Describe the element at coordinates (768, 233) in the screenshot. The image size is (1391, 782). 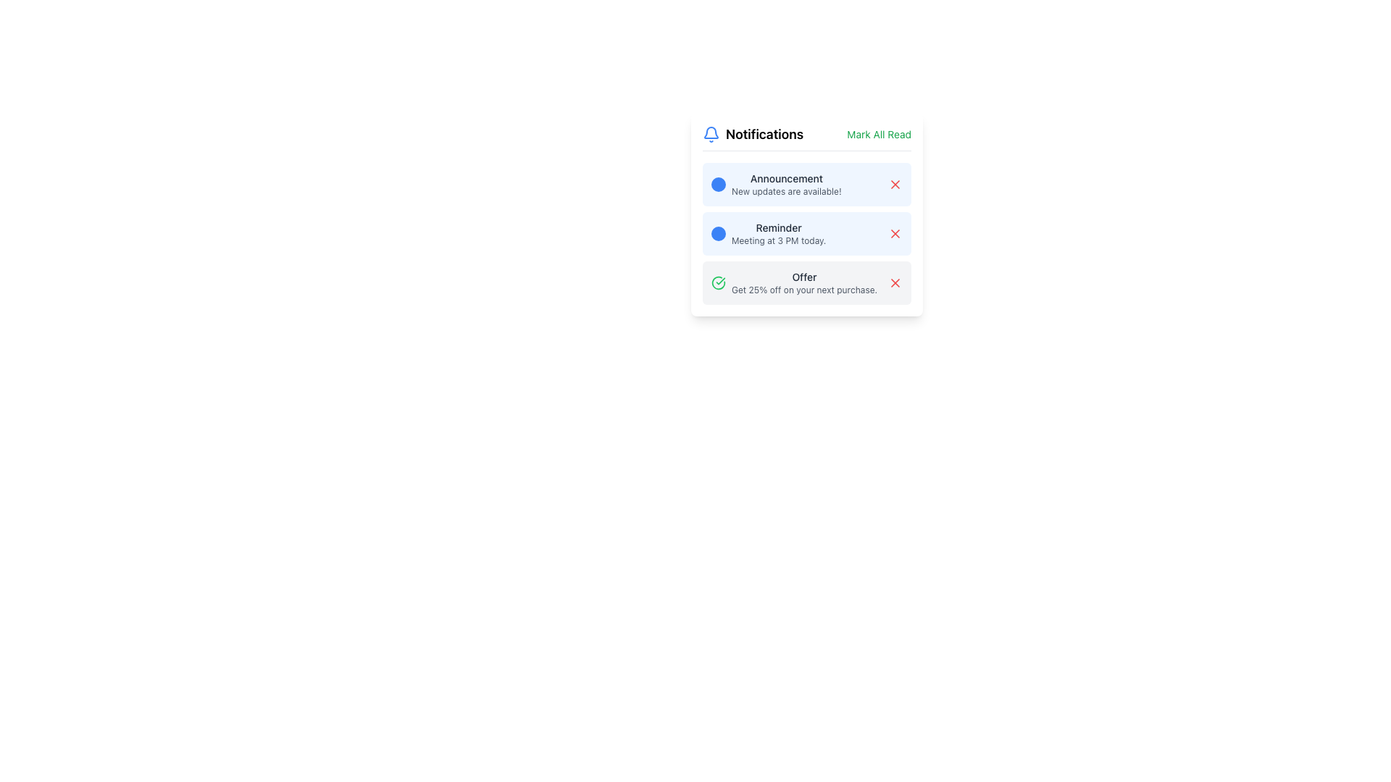
I see `the notification entry titled 'Reminder' with the subtitle 'Meeting at 3 PM today.'` at that location.